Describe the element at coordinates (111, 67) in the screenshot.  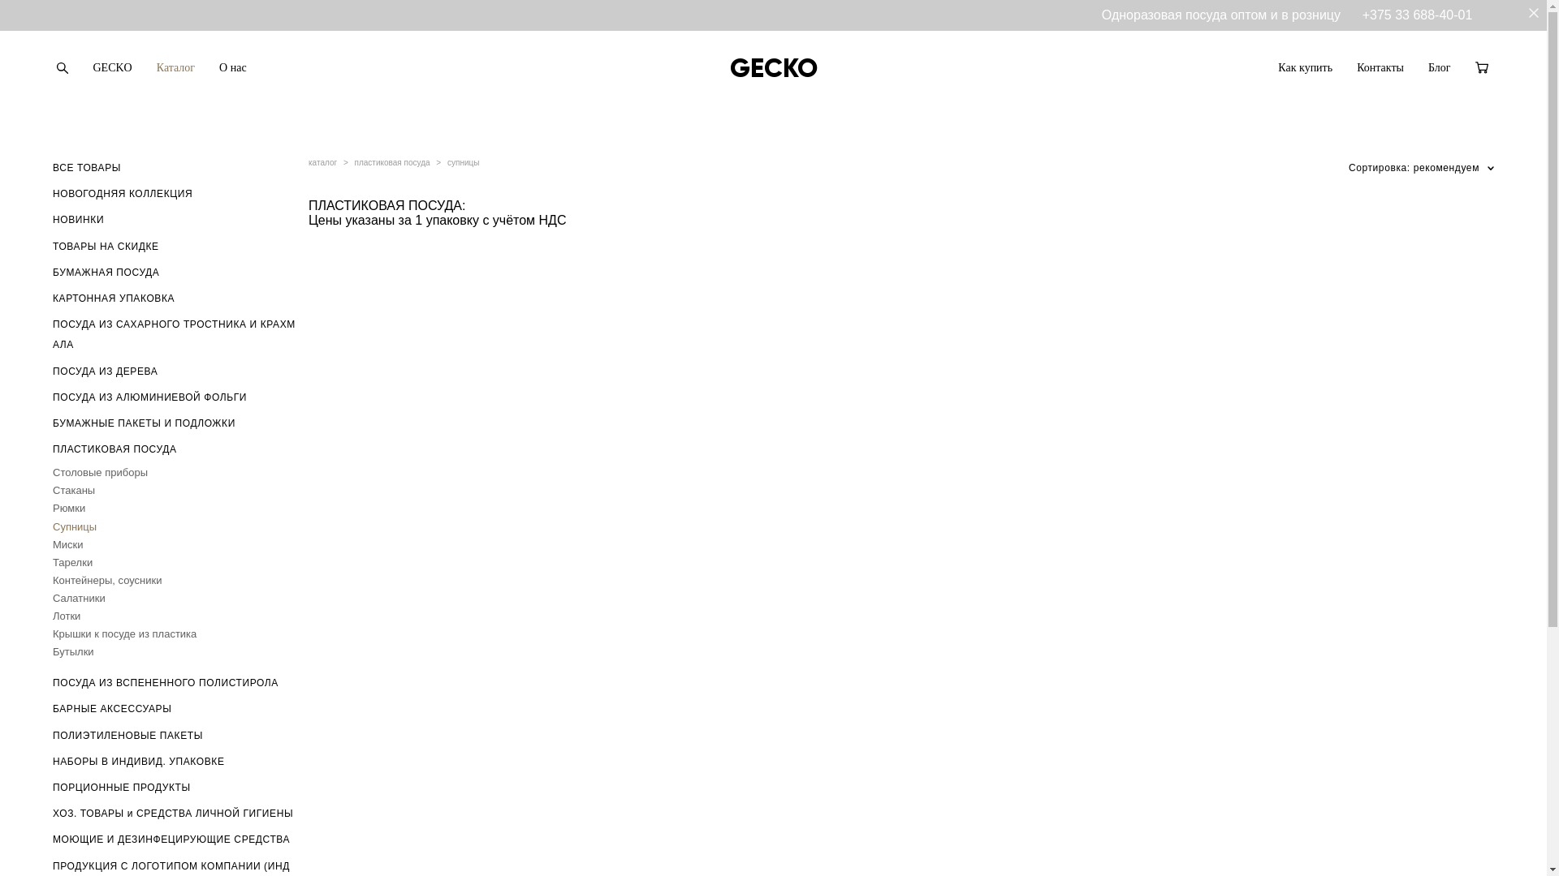
I see `'GECKO'` at that location.